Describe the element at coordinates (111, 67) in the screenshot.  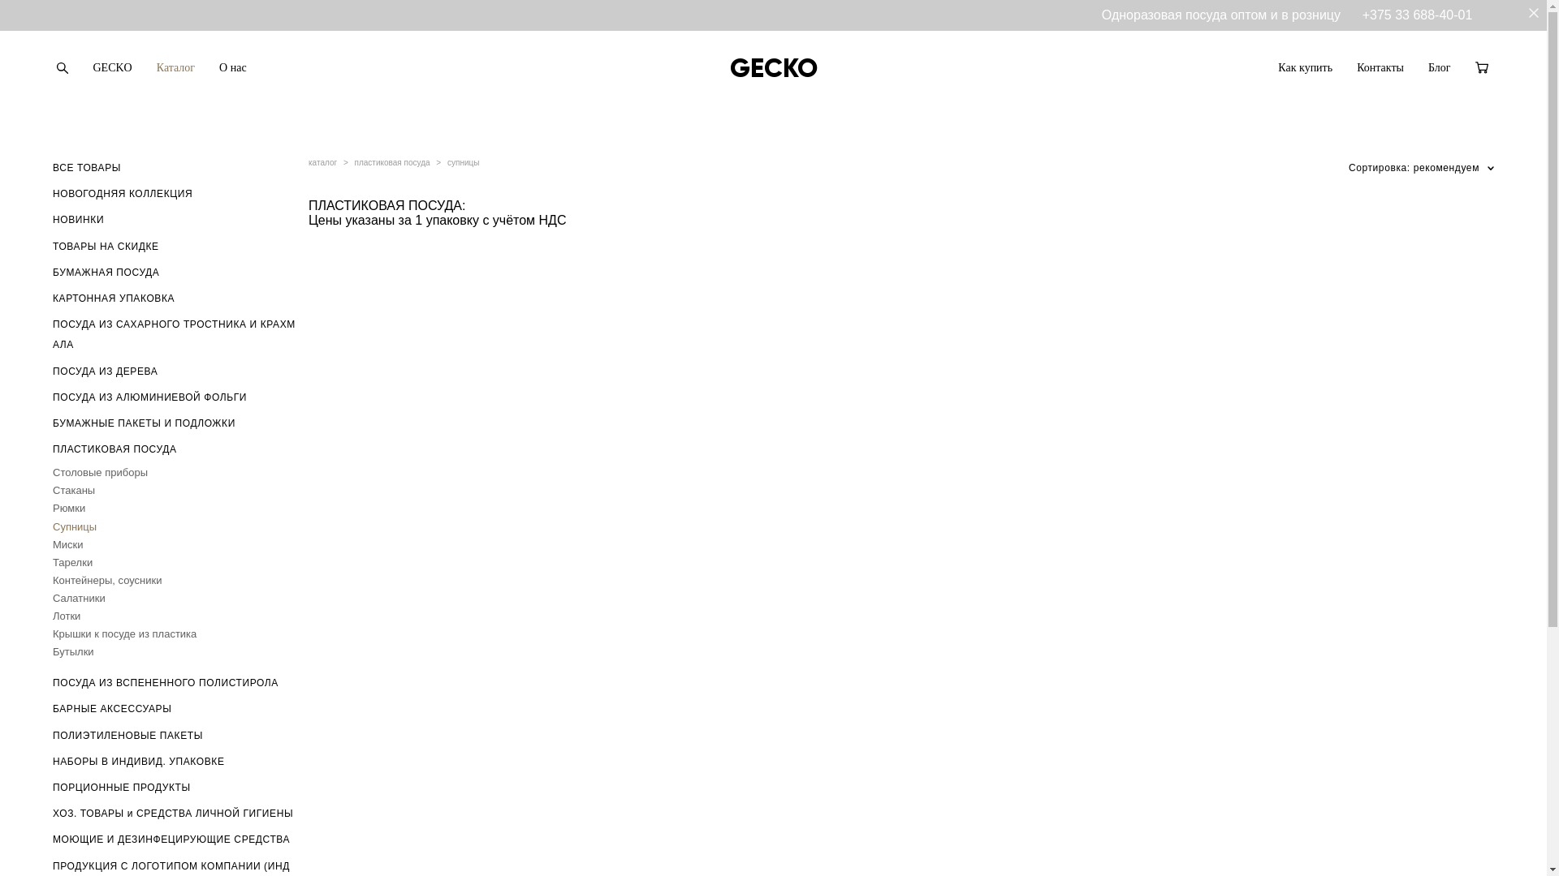
I see `'GECKO'` at that location.